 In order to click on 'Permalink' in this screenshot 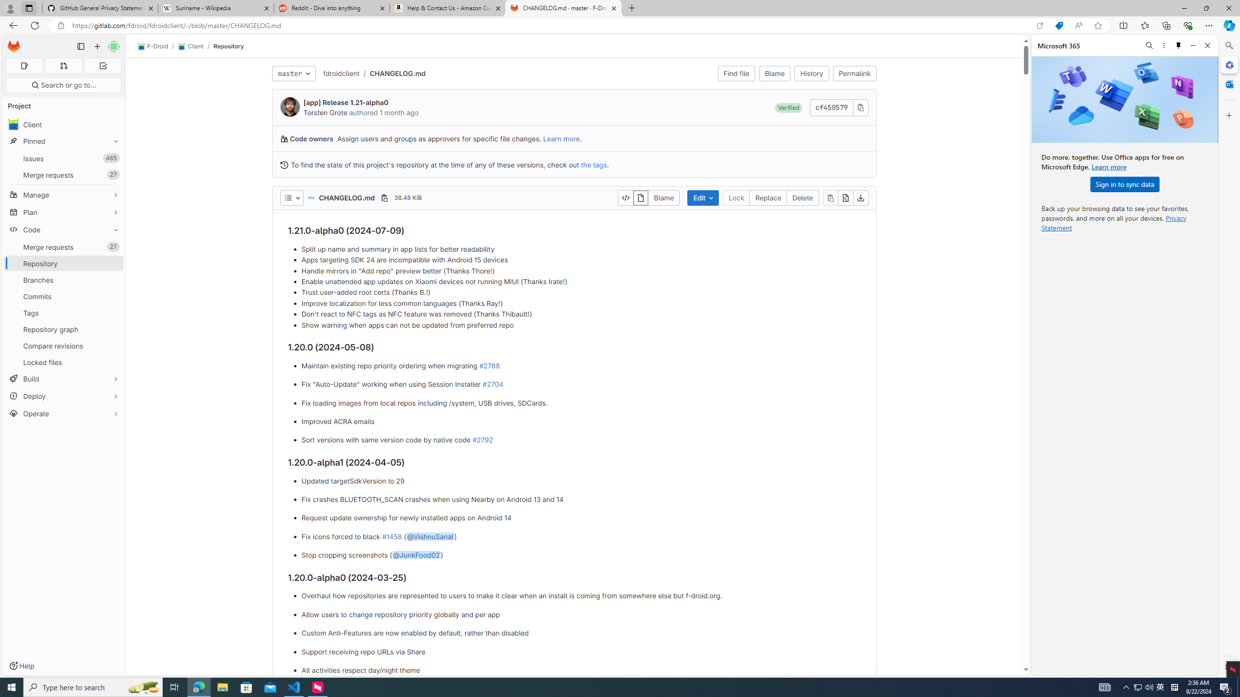, I will do `click(853, 73)`.